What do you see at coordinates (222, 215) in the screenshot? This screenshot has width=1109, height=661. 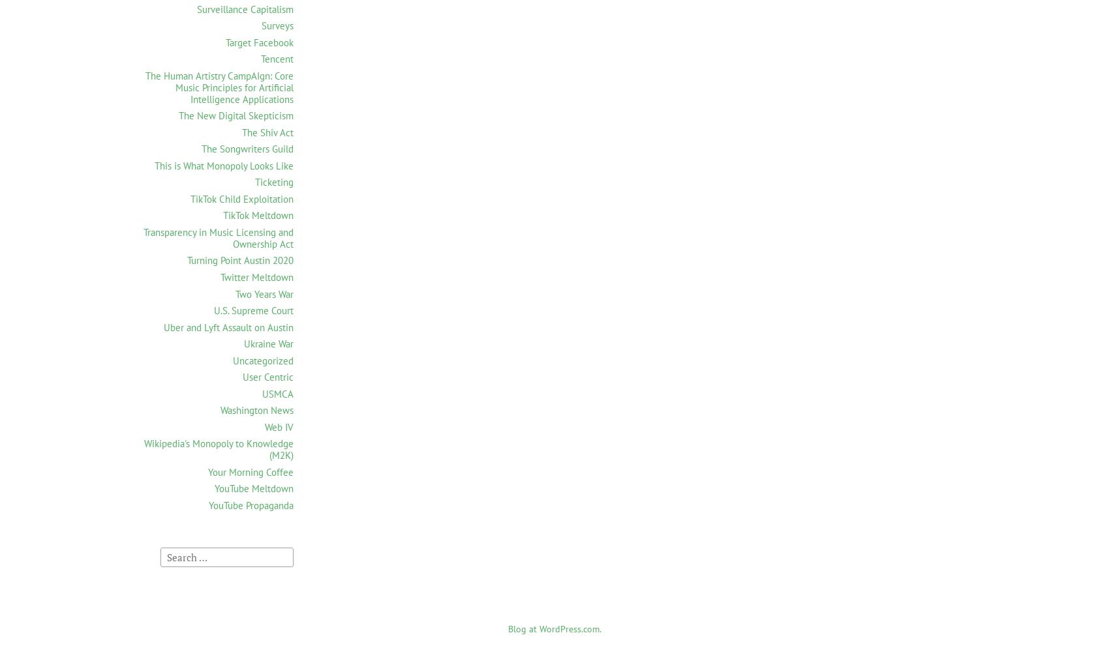 I see `'TikTok Meltdown'` at bounding box center [222, 215].